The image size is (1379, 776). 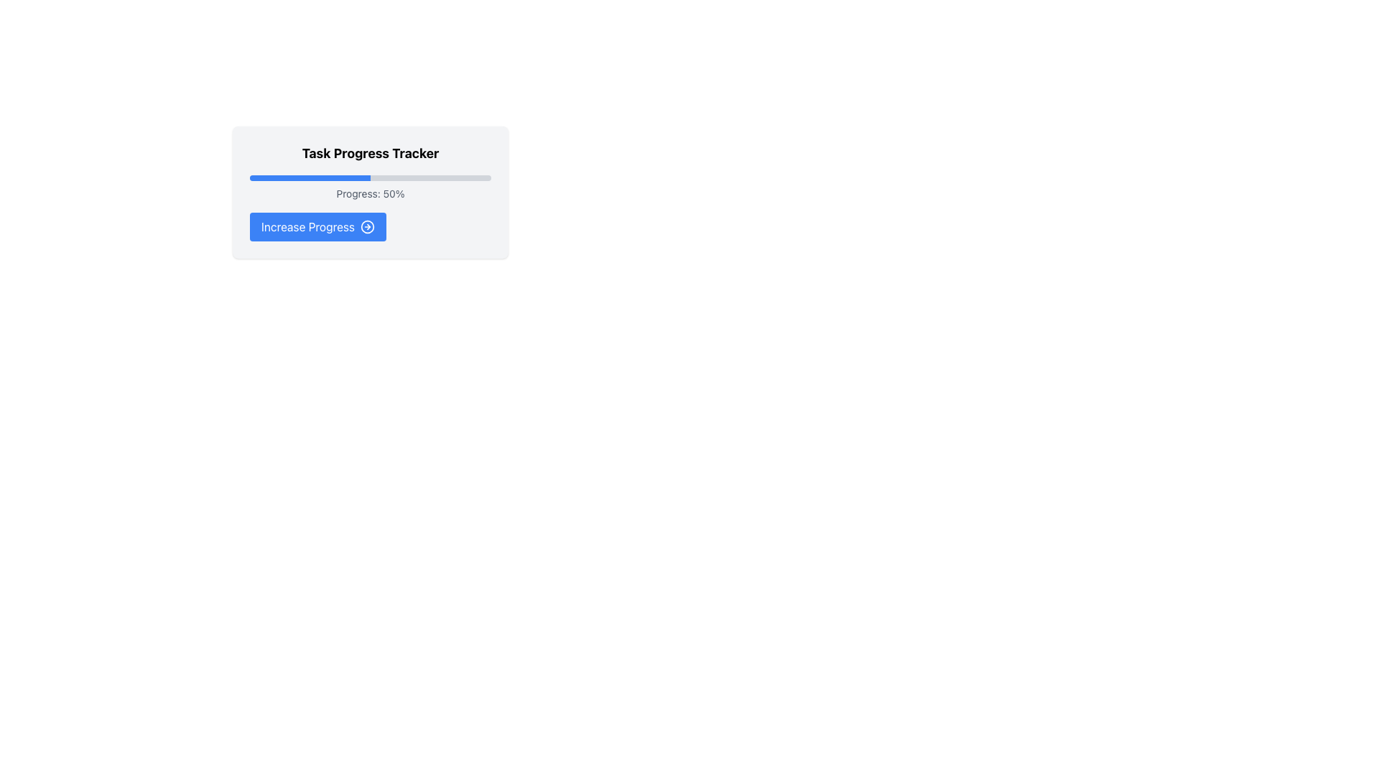 What do you see at coordinates (367, 226) in the screenshot?
I see `the Circle icon element located within the arrow-circle icon to the right of the 'Increase Progress' button` at bounding box center [367, 226].